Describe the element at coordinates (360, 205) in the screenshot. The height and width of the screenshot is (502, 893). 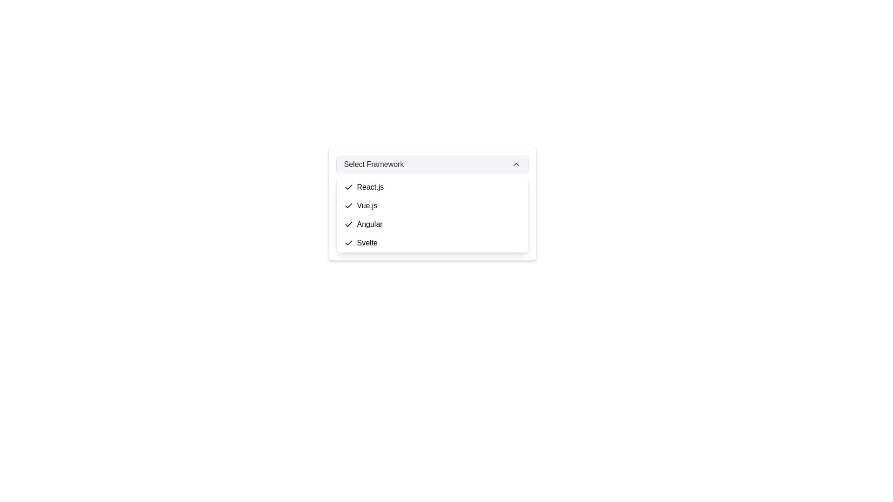
I see `the 'Vue.js' option in the interactive dropdown menu, which is the second line item below 'React.js' and above 'Angular'` at that location.